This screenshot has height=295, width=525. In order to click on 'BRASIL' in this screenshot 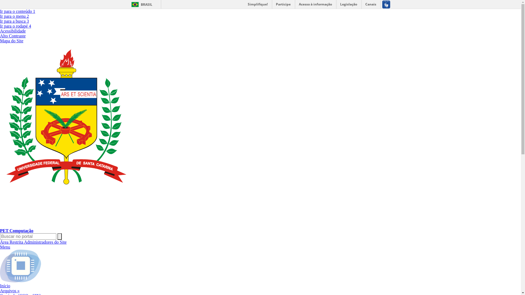, I will do `click(141, 4)`.